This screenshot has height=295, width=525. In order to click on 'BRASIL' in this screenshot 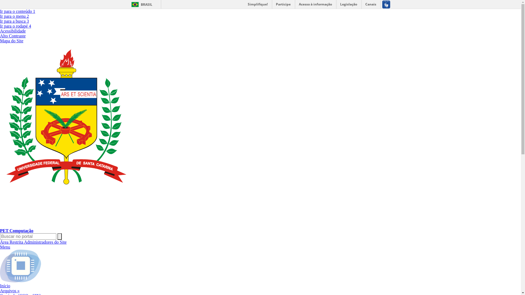, I will do `click(141, 4)`.